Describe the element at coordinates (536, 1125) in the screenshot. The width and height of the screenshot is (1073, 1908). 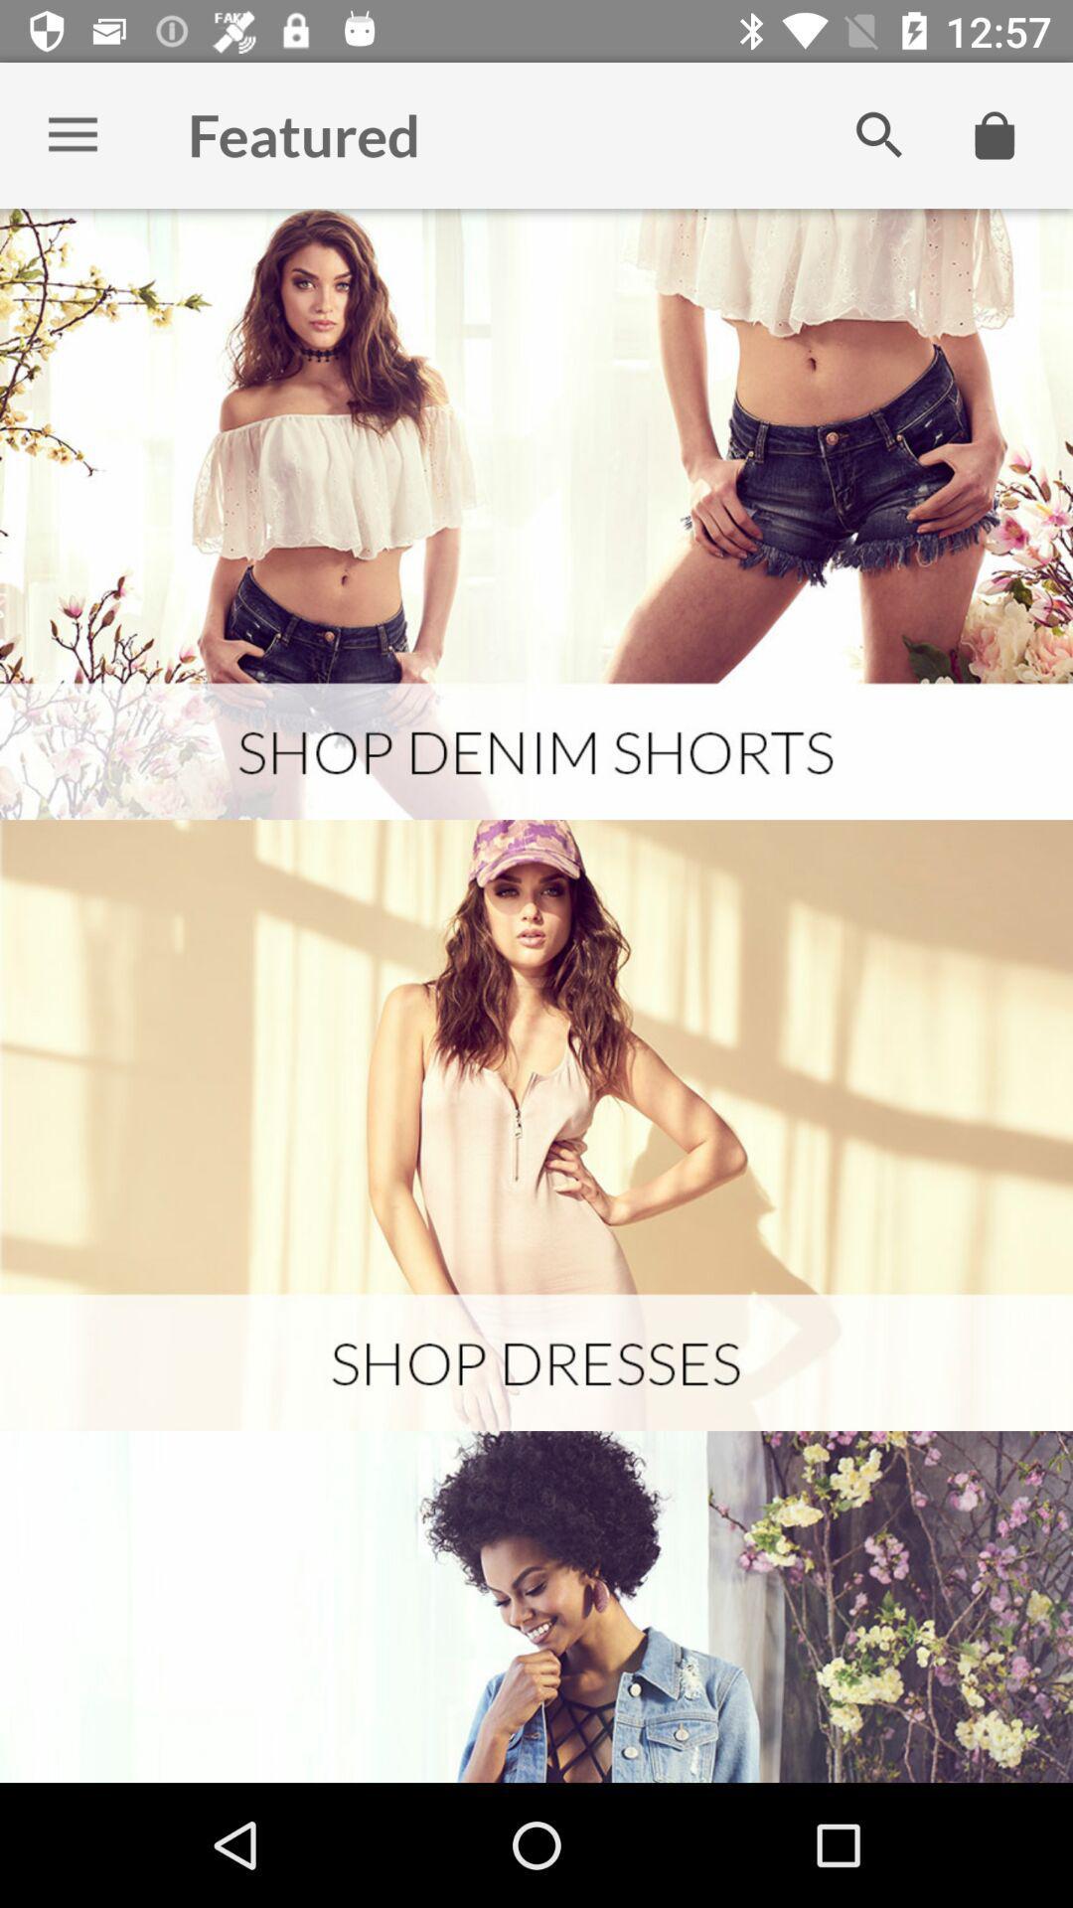
I see `see shop dresses` at that location.